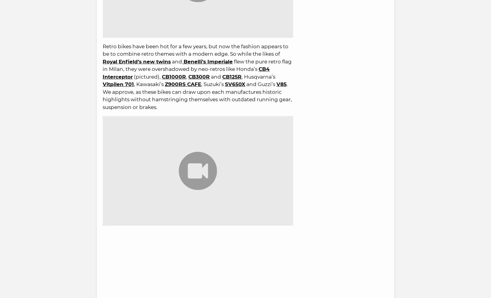 The height and width of the screenshot is (298, 491). What do you see at coordinates (235, 84) in the screenshot?
I see `'SV650X'` at bounding box center [235, 84].